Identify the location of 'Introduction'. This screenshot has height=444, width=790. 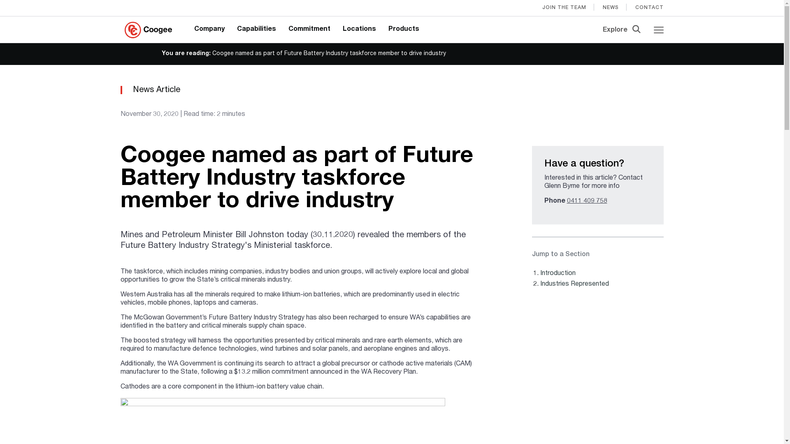
(557, 274).